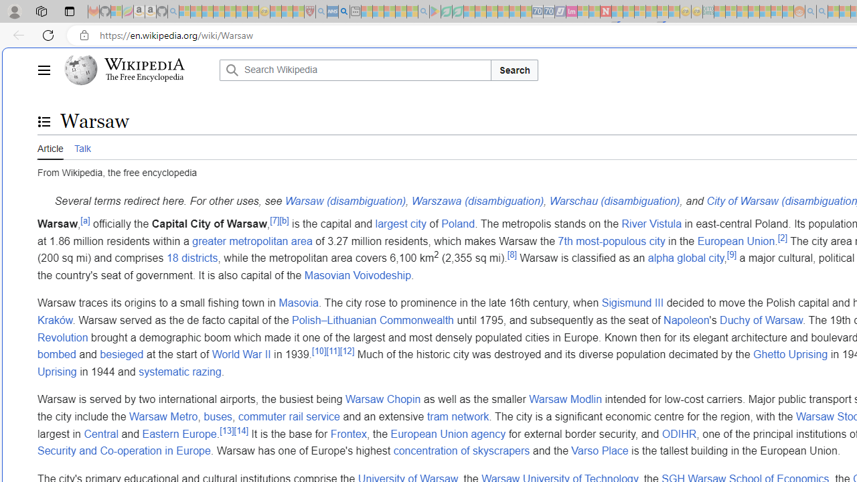 This screenshot has height=482, width=857. Describe the element at coordinates (100, 434) in the screenshot. I see `'Central'` at that location.